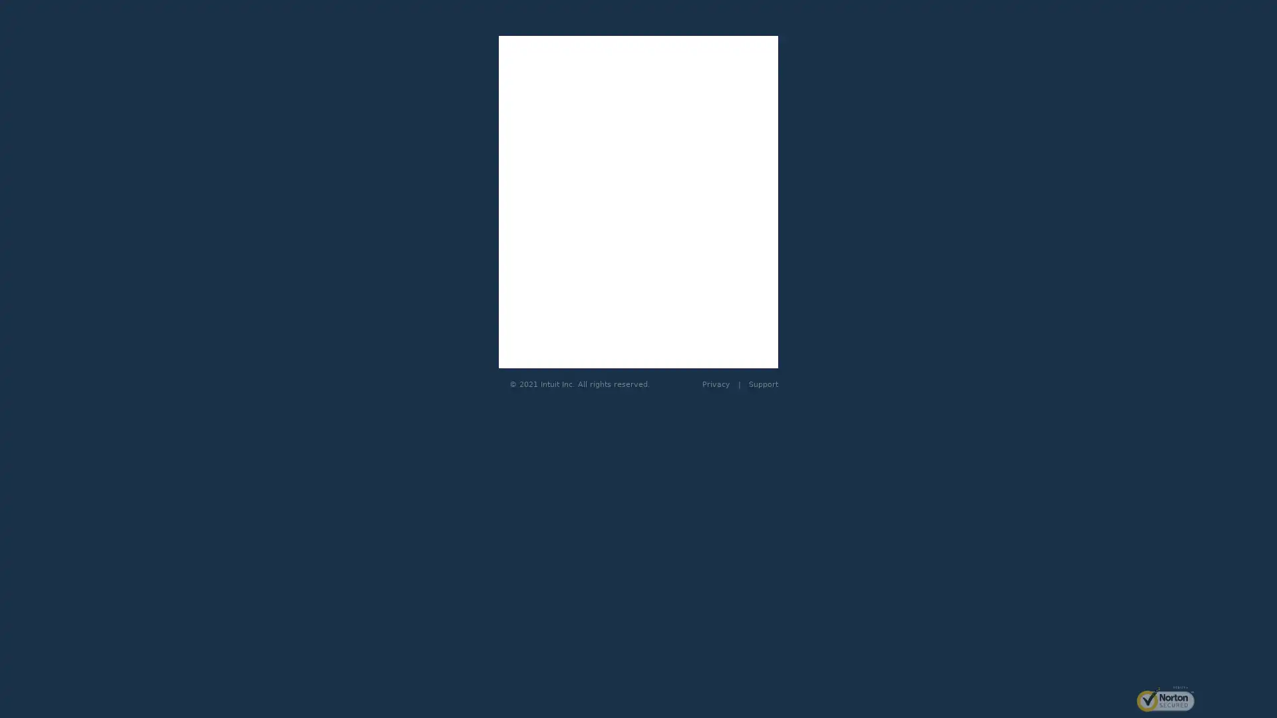 Image resolution: width=1277 pixels, height=718 pixels. What do you see at coordinates (692, 255) in the screenshot?
I see `Phone` at bounding box center [692, 255].